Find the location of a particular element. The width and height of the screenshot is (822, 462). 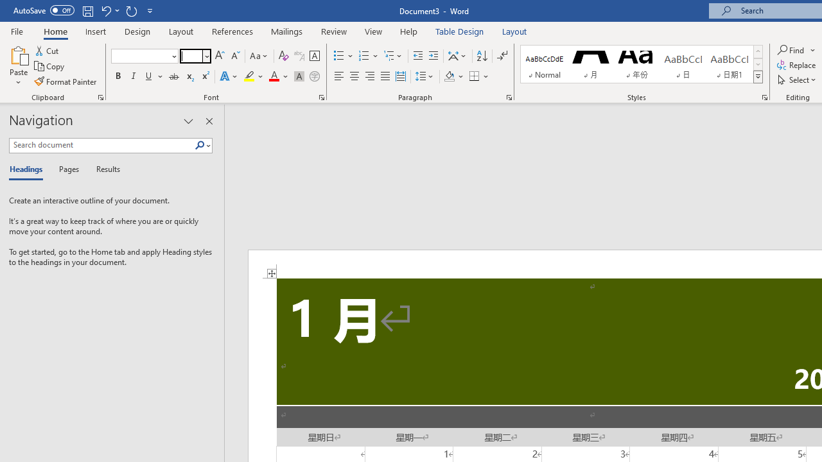

'Undo Apply Quick Style' is located at coordinates (105, 10).